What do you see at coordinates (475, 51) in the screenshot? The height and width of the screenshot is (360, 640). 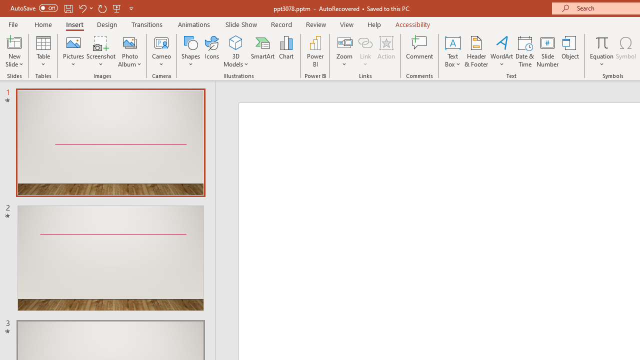 I see `'Header & Footer...'` at bounding box center [475, 51].